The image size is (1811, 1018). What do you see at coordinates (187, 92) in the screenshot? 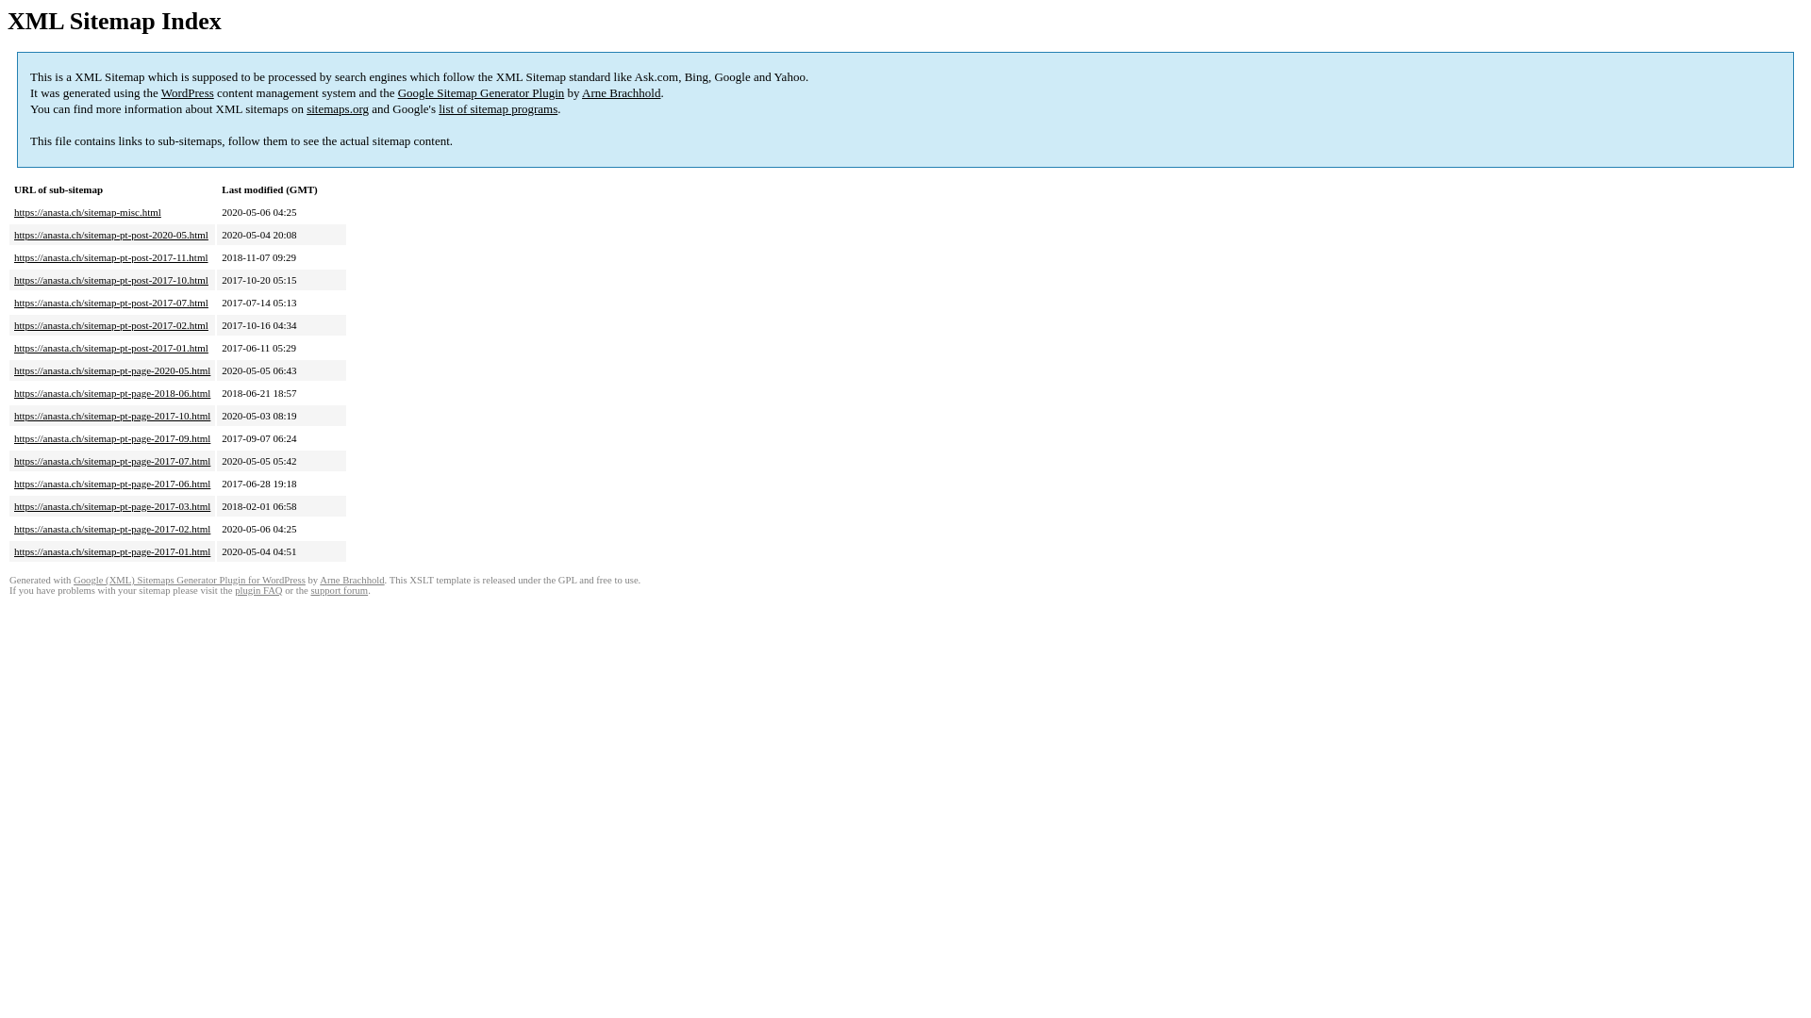
I see `'WordPress'` at bounding box center [187, 92].